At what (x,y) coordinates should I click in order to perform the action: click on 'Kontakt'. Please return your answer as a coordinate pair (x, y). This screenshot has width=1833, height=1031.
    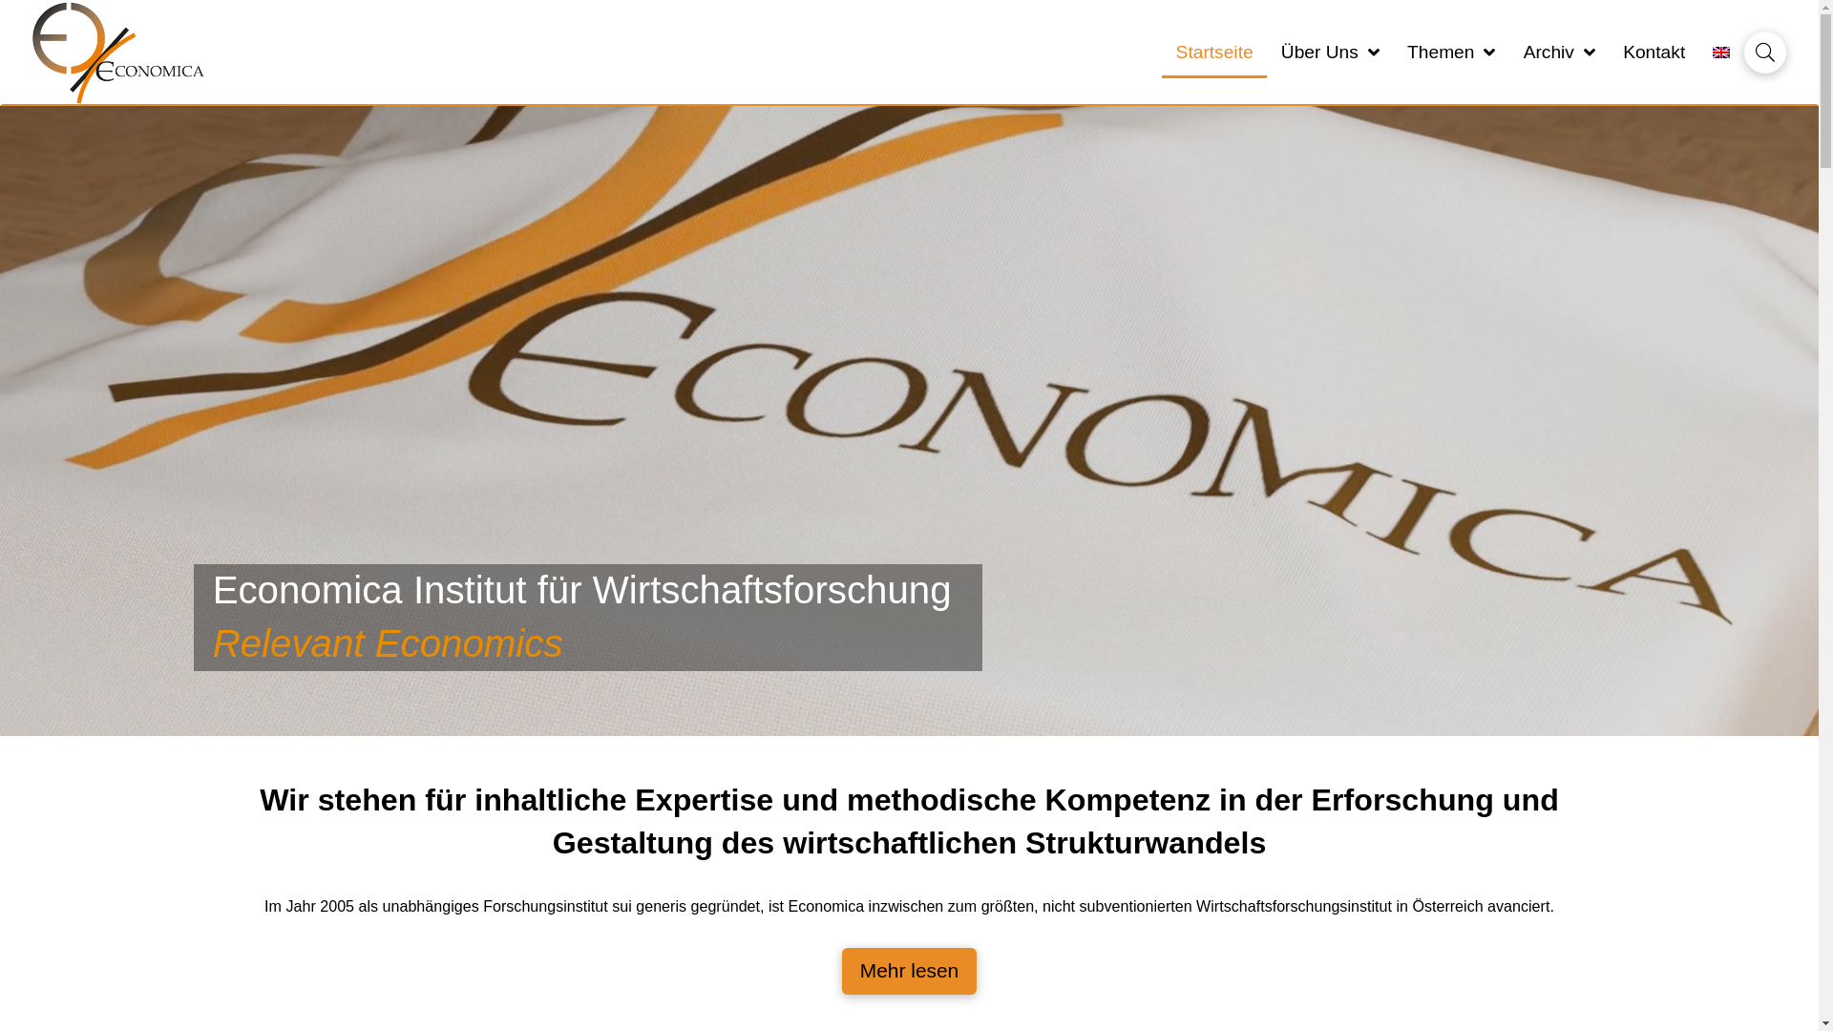
    Looking at the image, I should click on (1653, 52).